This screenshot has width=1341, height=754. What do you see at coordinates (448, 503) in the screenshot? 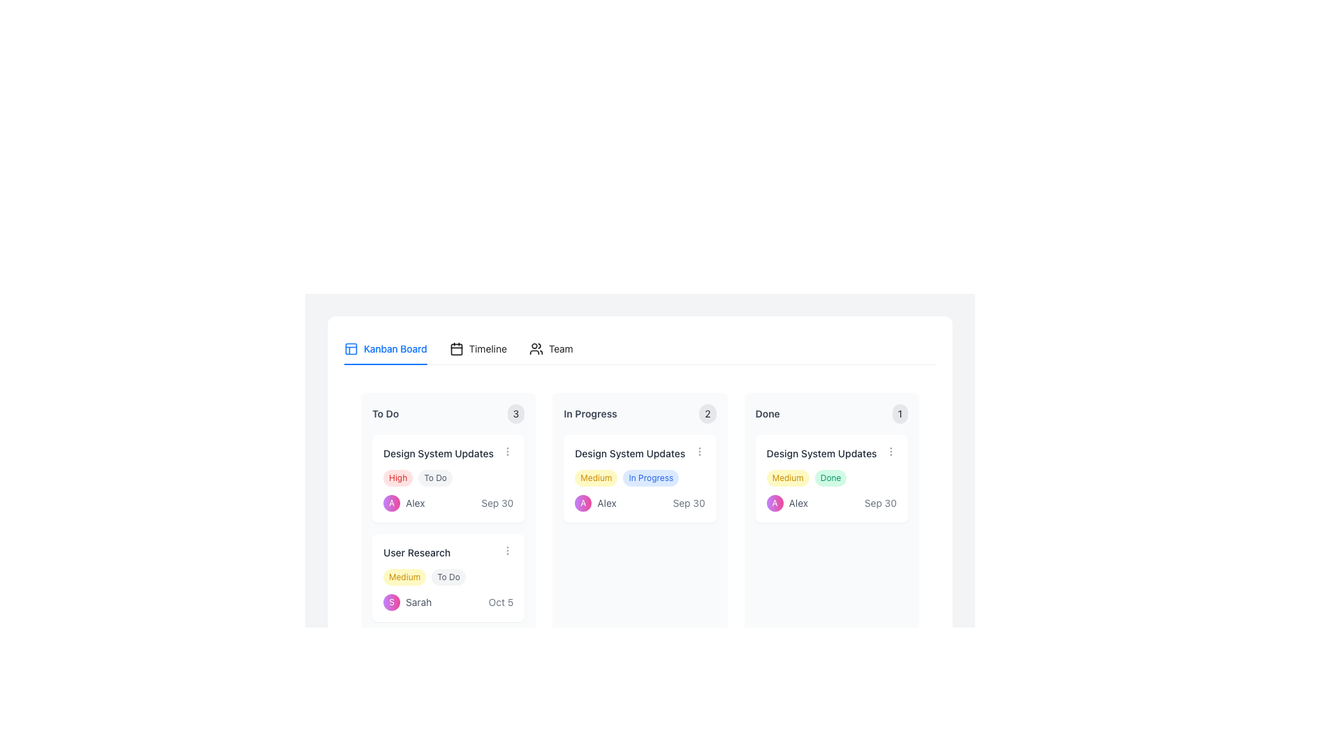
I see `the assignee name 'Alex' in the Information Display Group located at the bottom of the 'Design System Updates' card in the 'To Do' column of the Kanban board` at bounding box center [448, 503].